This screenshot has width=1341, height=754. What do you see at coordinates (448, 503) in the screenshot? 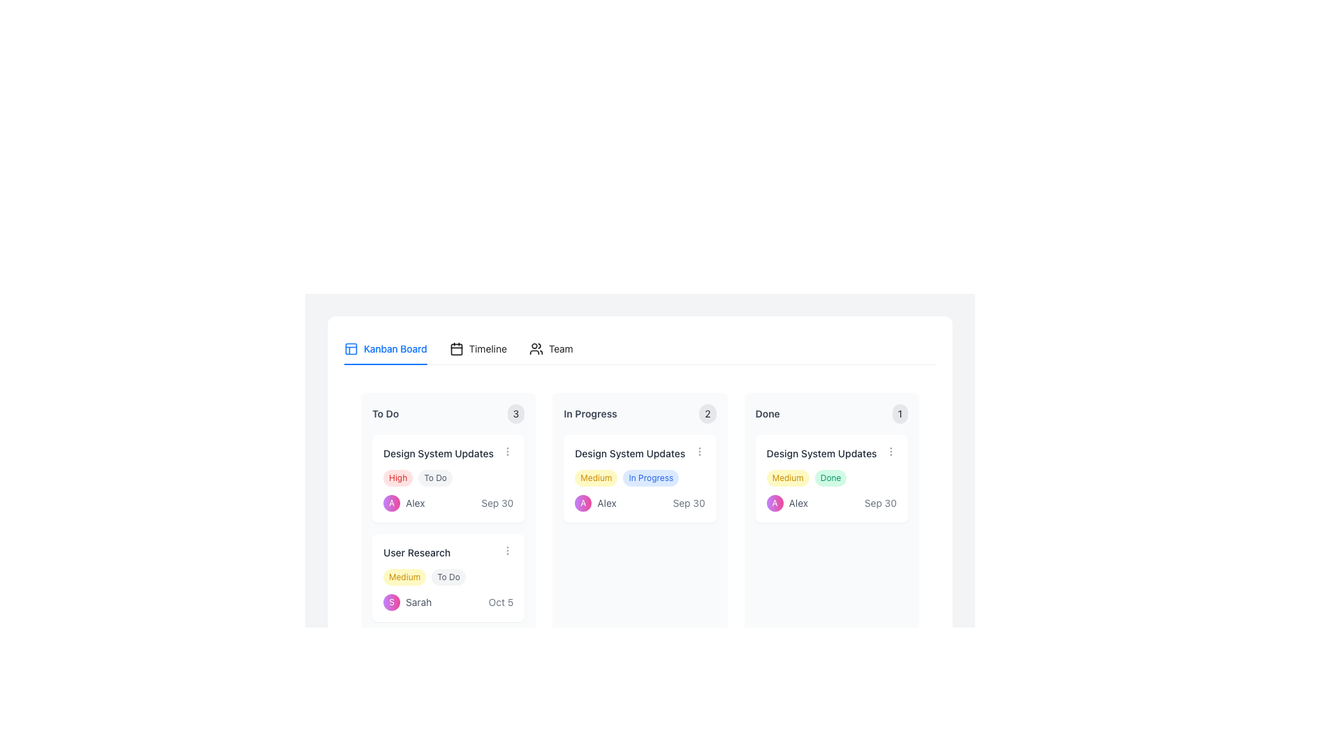
I see `the assignee name 'Alex' in the Information Display Group located at the bottom of the 'Design System Updates' card in the 'To Do' column of the Kanban board` at bounding box center [448, 503].